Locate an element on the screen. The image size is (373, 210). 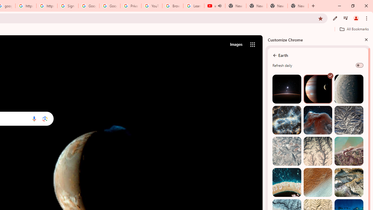
'Trarza, Mauritania' is located at coordinates (317, 182).